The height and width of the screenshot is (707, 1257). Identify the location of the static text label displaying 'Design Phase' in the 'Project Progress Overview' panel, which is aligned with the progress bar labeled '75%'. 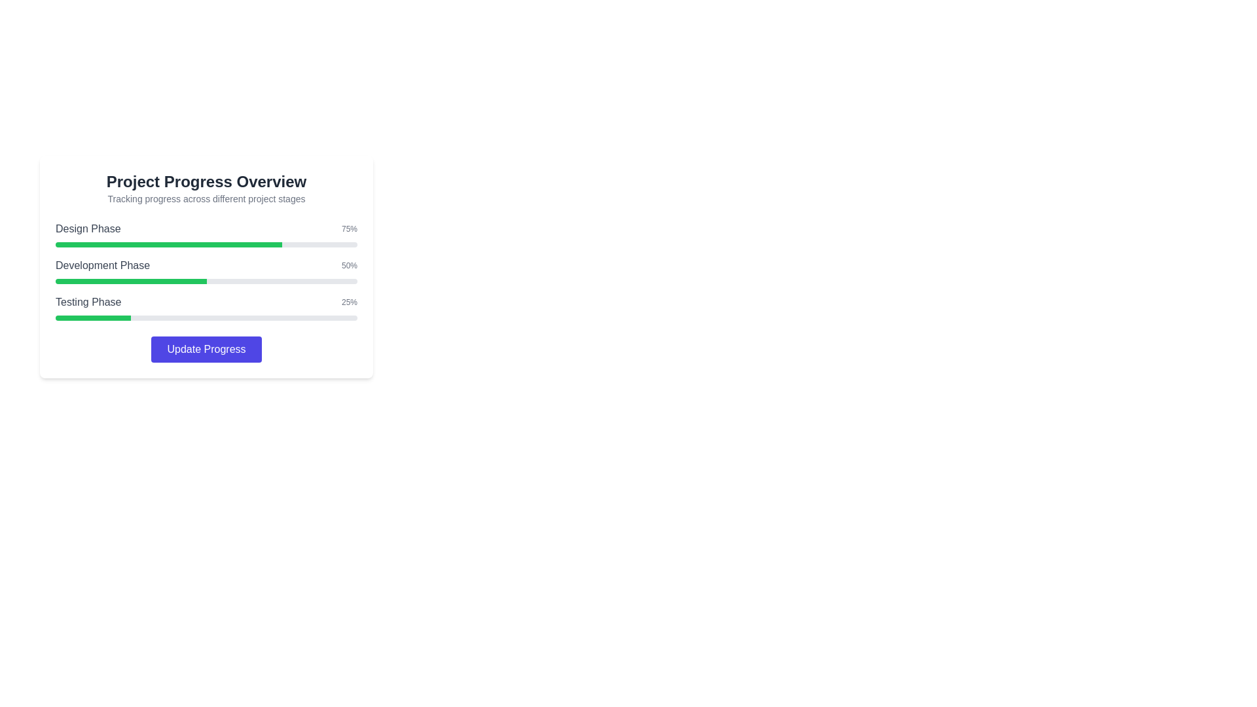
(87, 228).